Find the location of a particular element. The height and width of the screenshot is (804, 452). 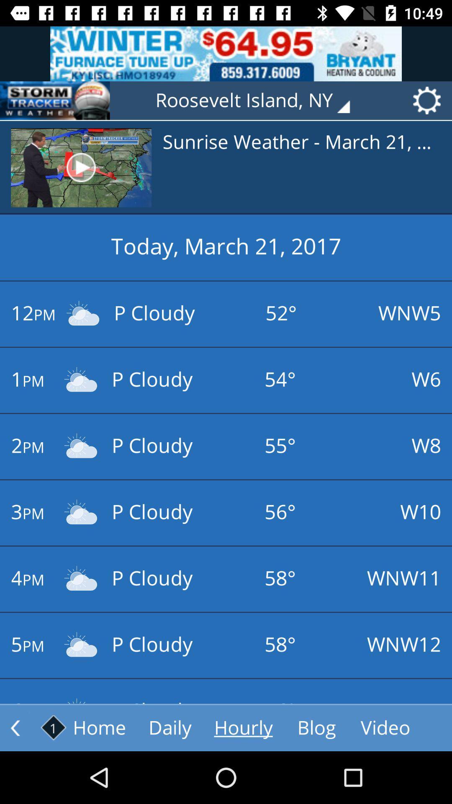

scroll menu left is located at coordinates (15, 727).